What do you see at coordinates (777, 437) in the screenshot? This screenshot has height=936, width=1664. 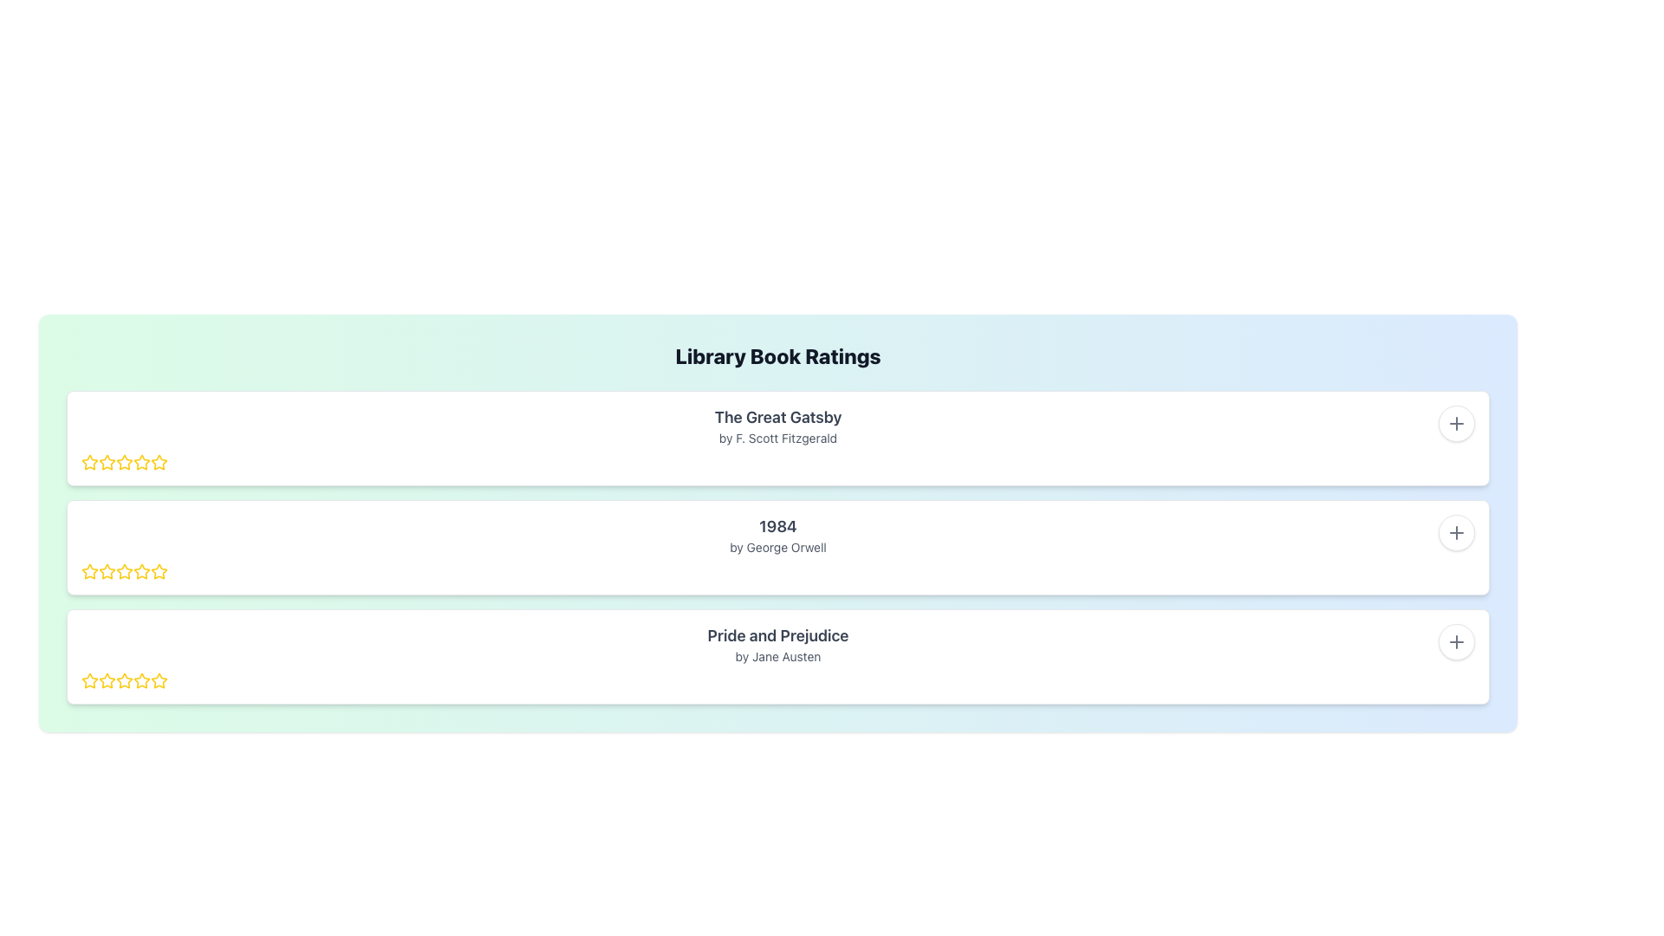 I see `the text label that displays 'by F. Scott Fitzgerald', styled in small gray font, located directly beneath the title 'The Great Gatsby' and above the rating stars` at bounding box center [777, 437].